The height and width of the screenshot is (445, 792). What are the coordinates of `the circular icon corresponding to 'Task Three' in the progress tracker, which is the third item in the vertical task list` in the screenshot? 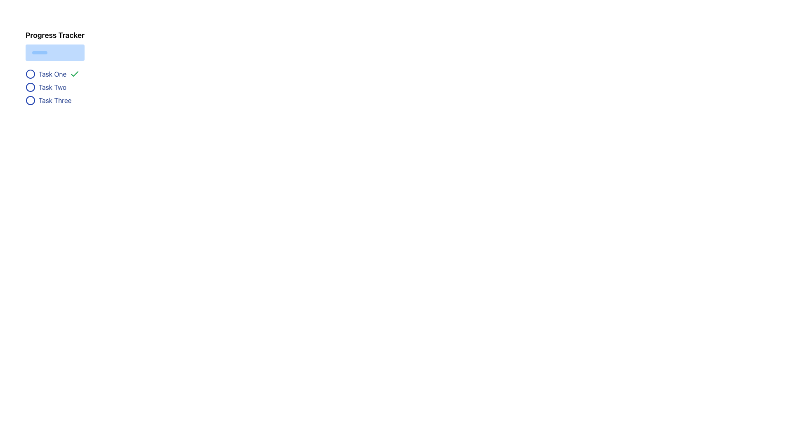 It's located at (30, 100).